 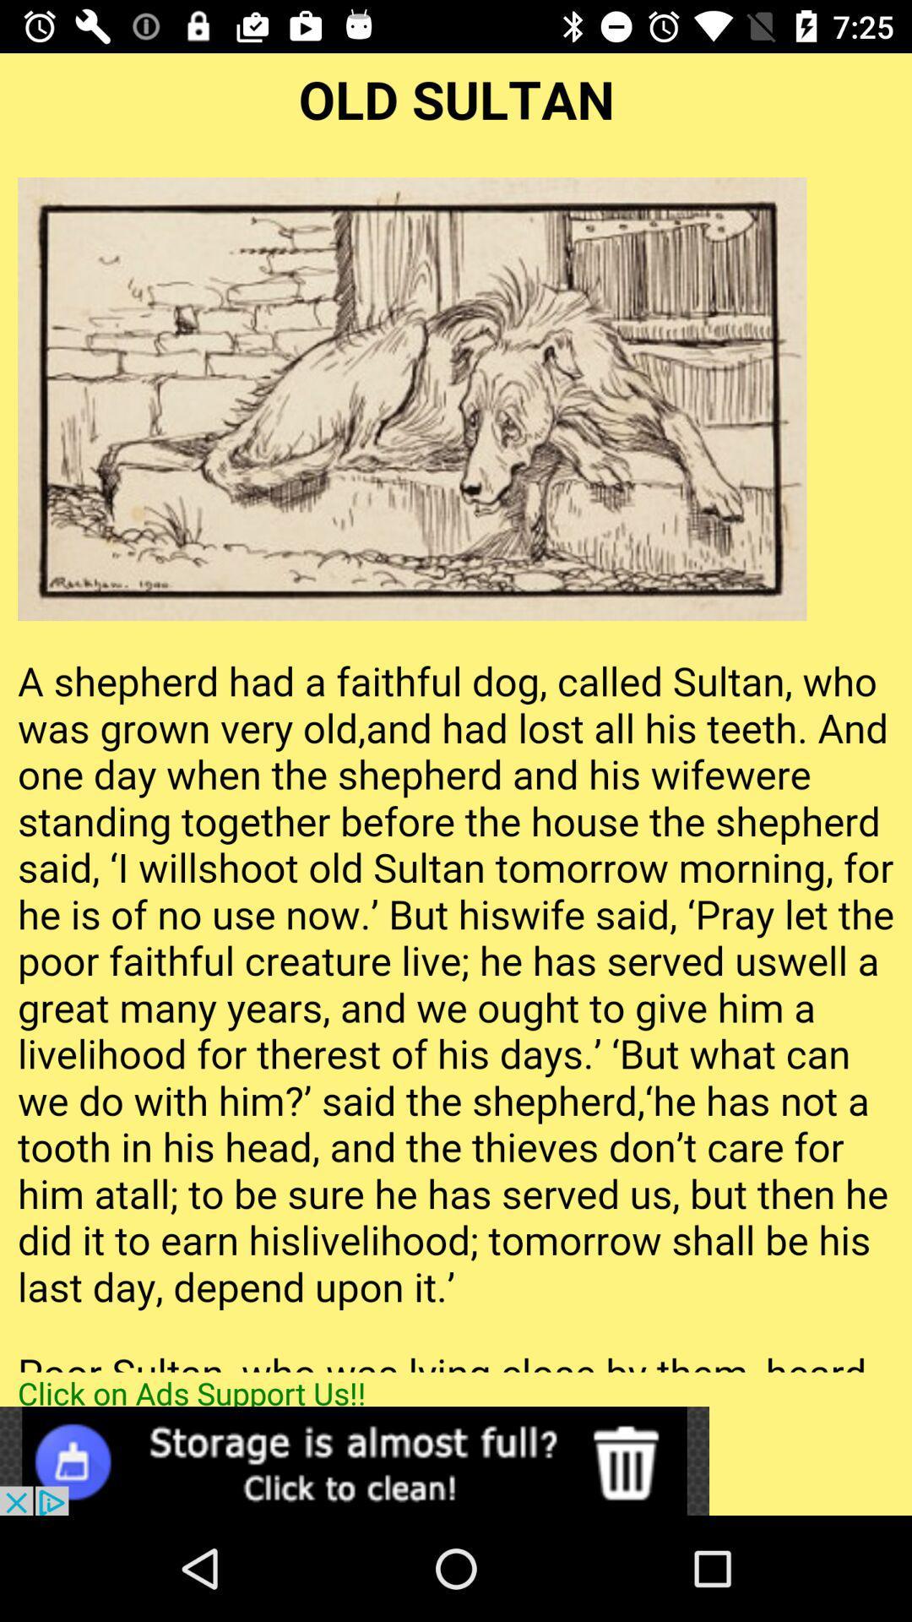 What do you see at coordinates (354, 1460) in the screenshot?
I see `click on advertisement` at bounding box center [354, 1460].